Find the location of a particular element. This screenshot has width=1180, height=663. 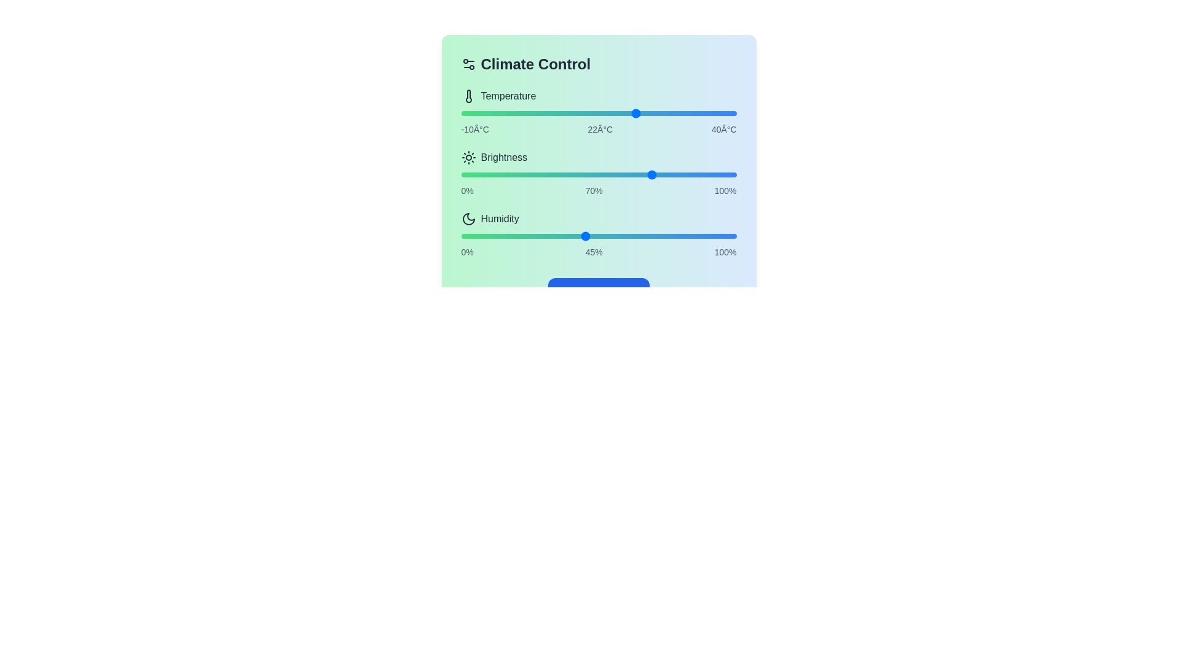

the 'Apply Changes' button located at the bottom of the climate control settings card is located at coordinates (599, 293).